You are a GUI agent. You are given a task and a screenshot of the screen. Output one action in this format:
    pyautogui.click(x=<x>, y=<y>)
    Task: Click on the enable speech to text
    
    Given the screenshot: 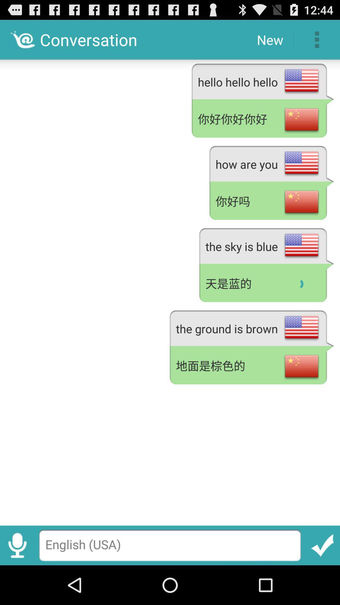 What is the action you would take?
    pyautogui.click(x=17, y=545)
    